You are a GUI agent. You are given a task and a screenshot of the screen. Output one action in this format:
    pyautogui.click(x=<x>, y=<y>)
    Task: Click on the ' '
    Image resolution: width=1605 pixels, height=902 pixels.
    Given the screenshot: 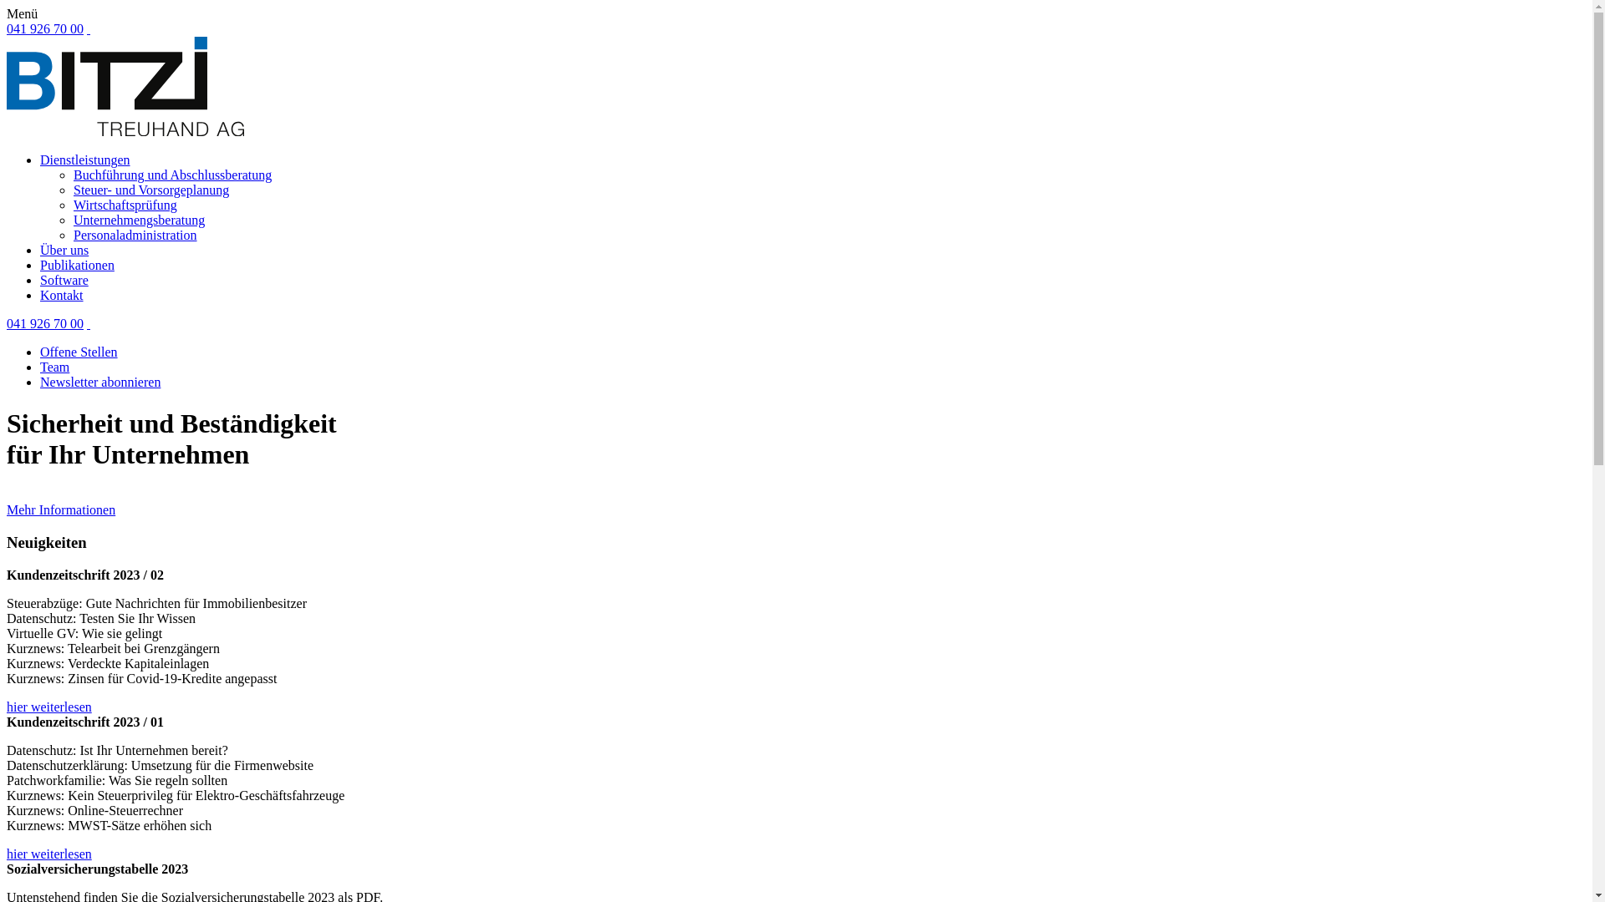 What is the action you would take?
    pyautogui.click(x=87, y=28)
    